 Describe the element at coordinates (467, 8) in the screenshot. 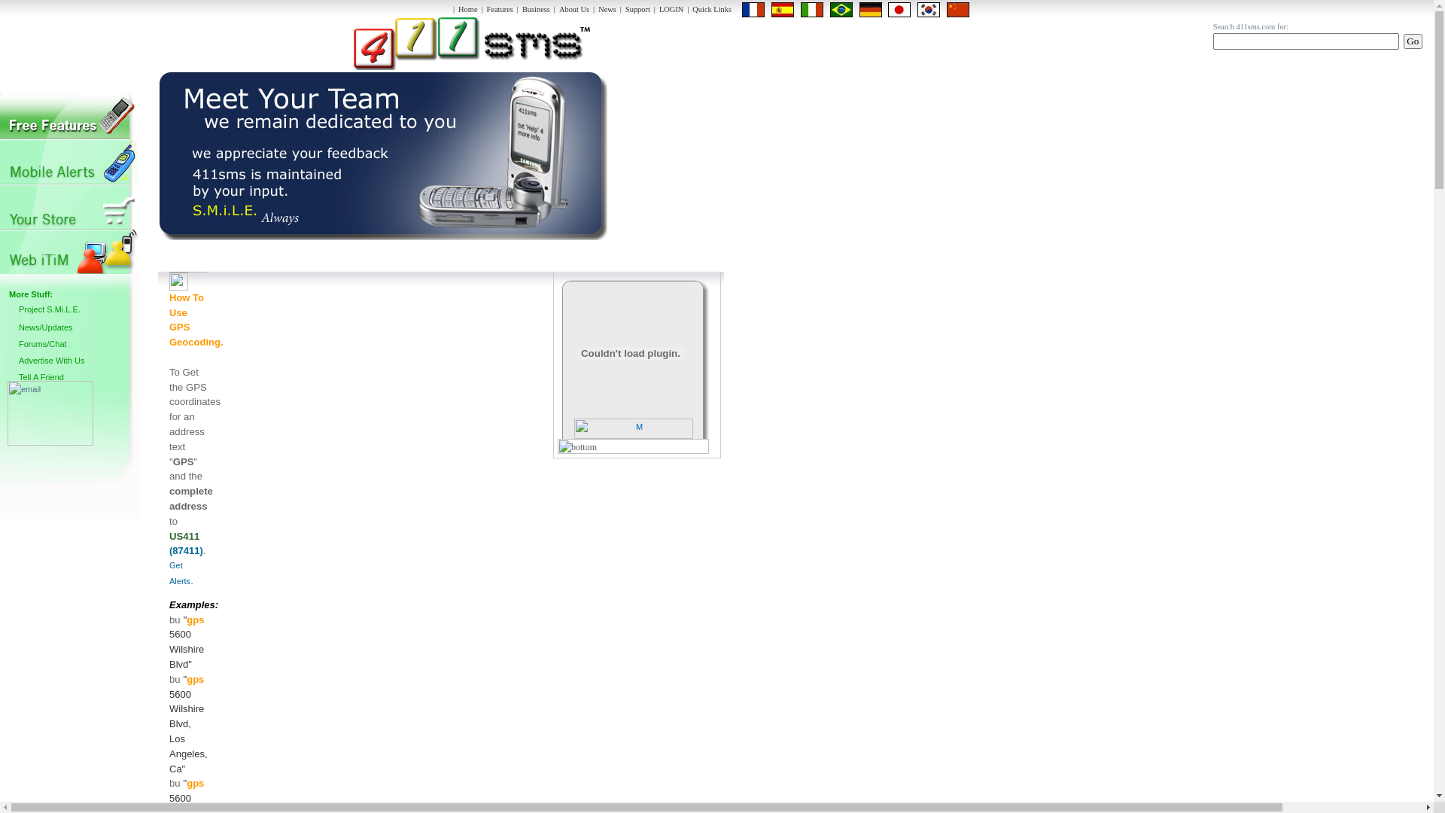

I see `'Home'` at that location.